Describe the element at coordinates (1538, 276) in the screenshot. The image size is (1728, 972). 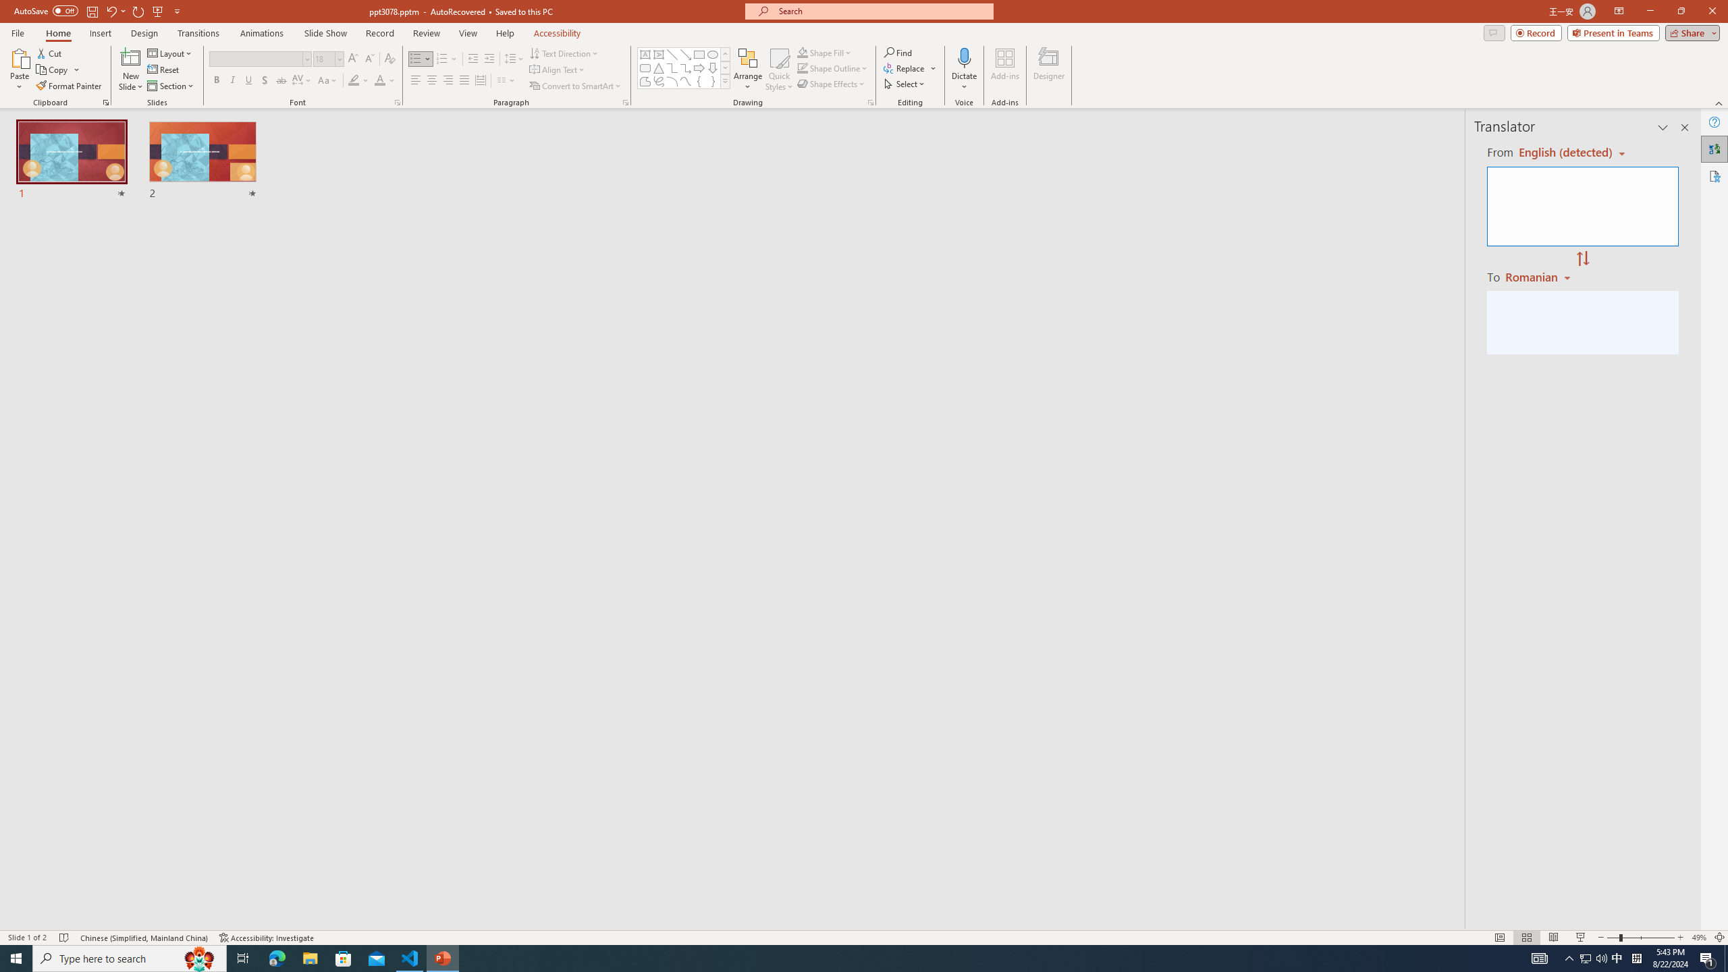
I see `'Romanian'` at that location.